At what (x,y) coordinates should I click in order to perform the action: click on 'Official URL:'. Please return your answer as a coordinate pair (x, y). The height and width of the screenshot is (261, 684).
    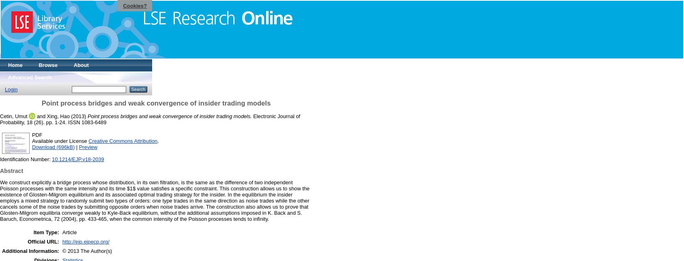
    Looking at the image, I should click on (43, 241).